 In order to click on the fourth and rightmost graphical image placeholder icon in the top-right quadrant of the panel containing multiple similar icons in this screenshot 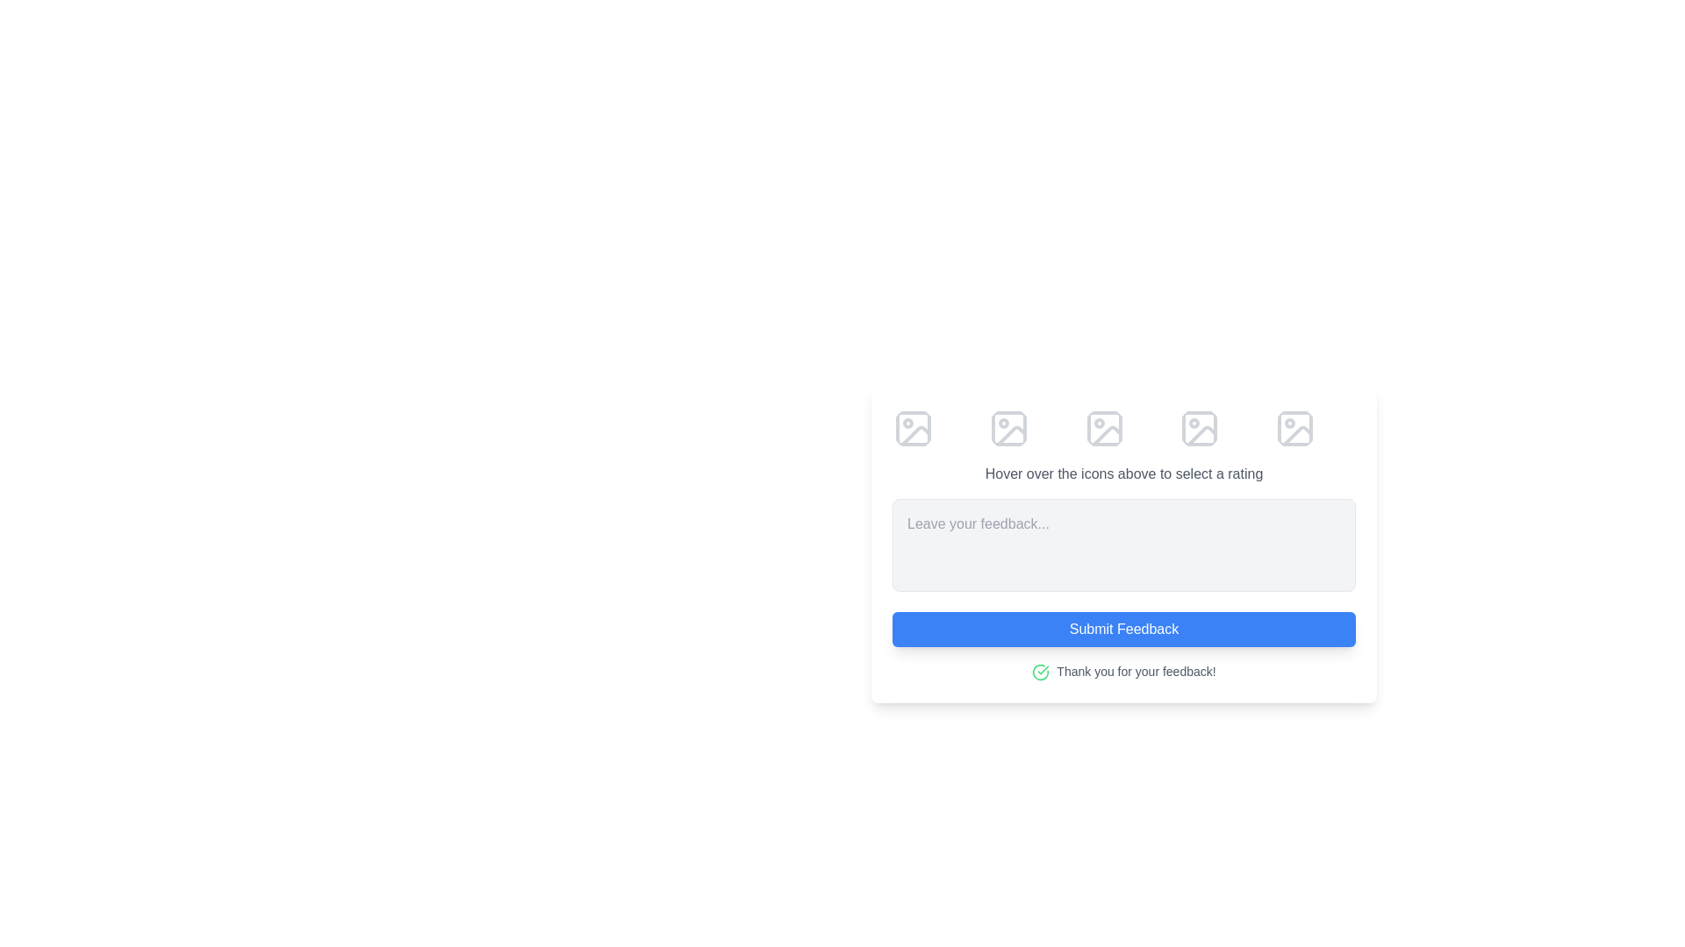, I will do `click(1295, 429)`.